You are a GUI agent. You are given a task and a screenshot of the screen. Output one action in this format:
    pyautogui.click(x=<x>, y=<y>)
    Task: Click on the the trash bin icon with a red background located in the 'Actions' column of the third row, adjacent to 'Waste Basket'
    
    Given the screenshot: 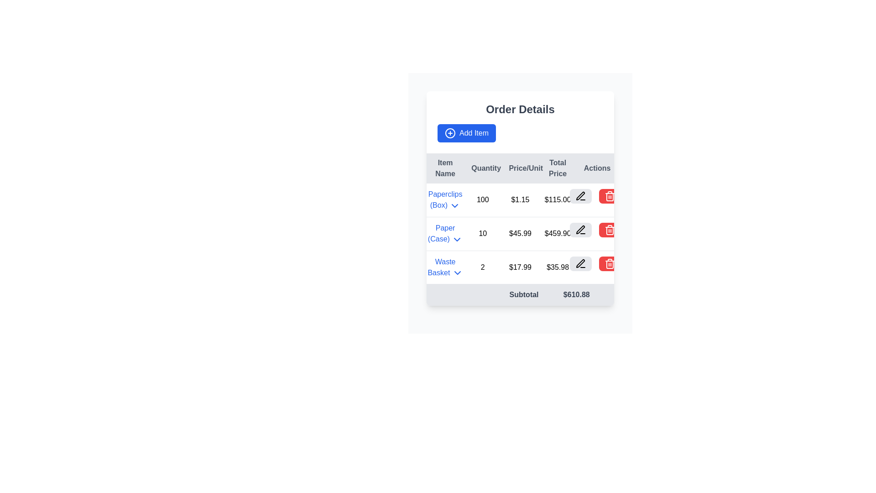 What is the action you would take?
    pyautogui.click(x=610, y=195)
    